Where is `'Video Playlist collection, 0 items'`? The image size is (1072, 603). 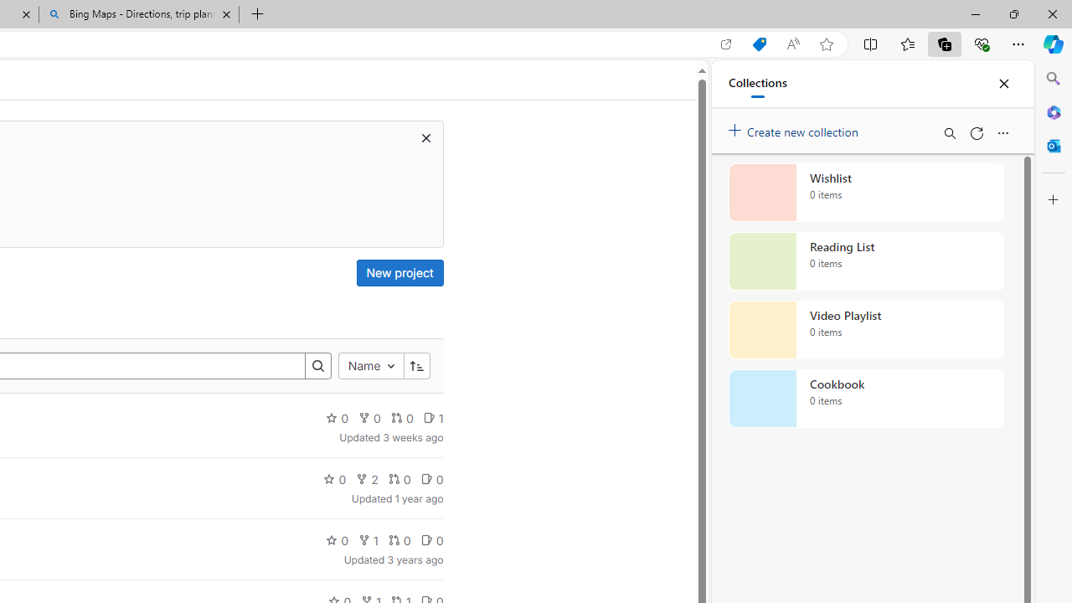 'Video Playlist collection, 0 items' is located at coordinates (866, 330).